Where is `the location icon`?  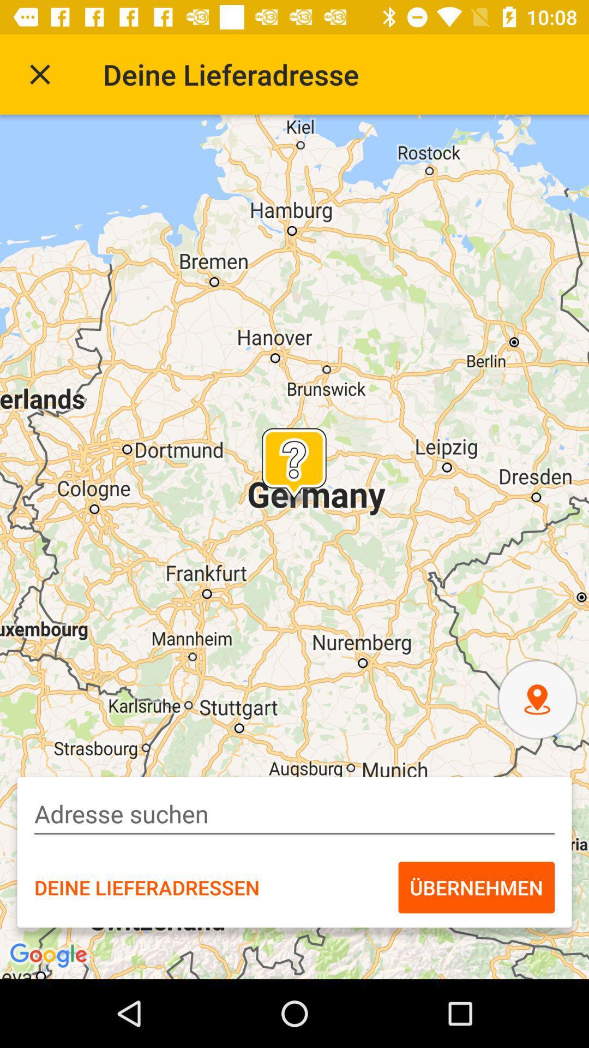 the location icon is located at coordinates (537, 699).